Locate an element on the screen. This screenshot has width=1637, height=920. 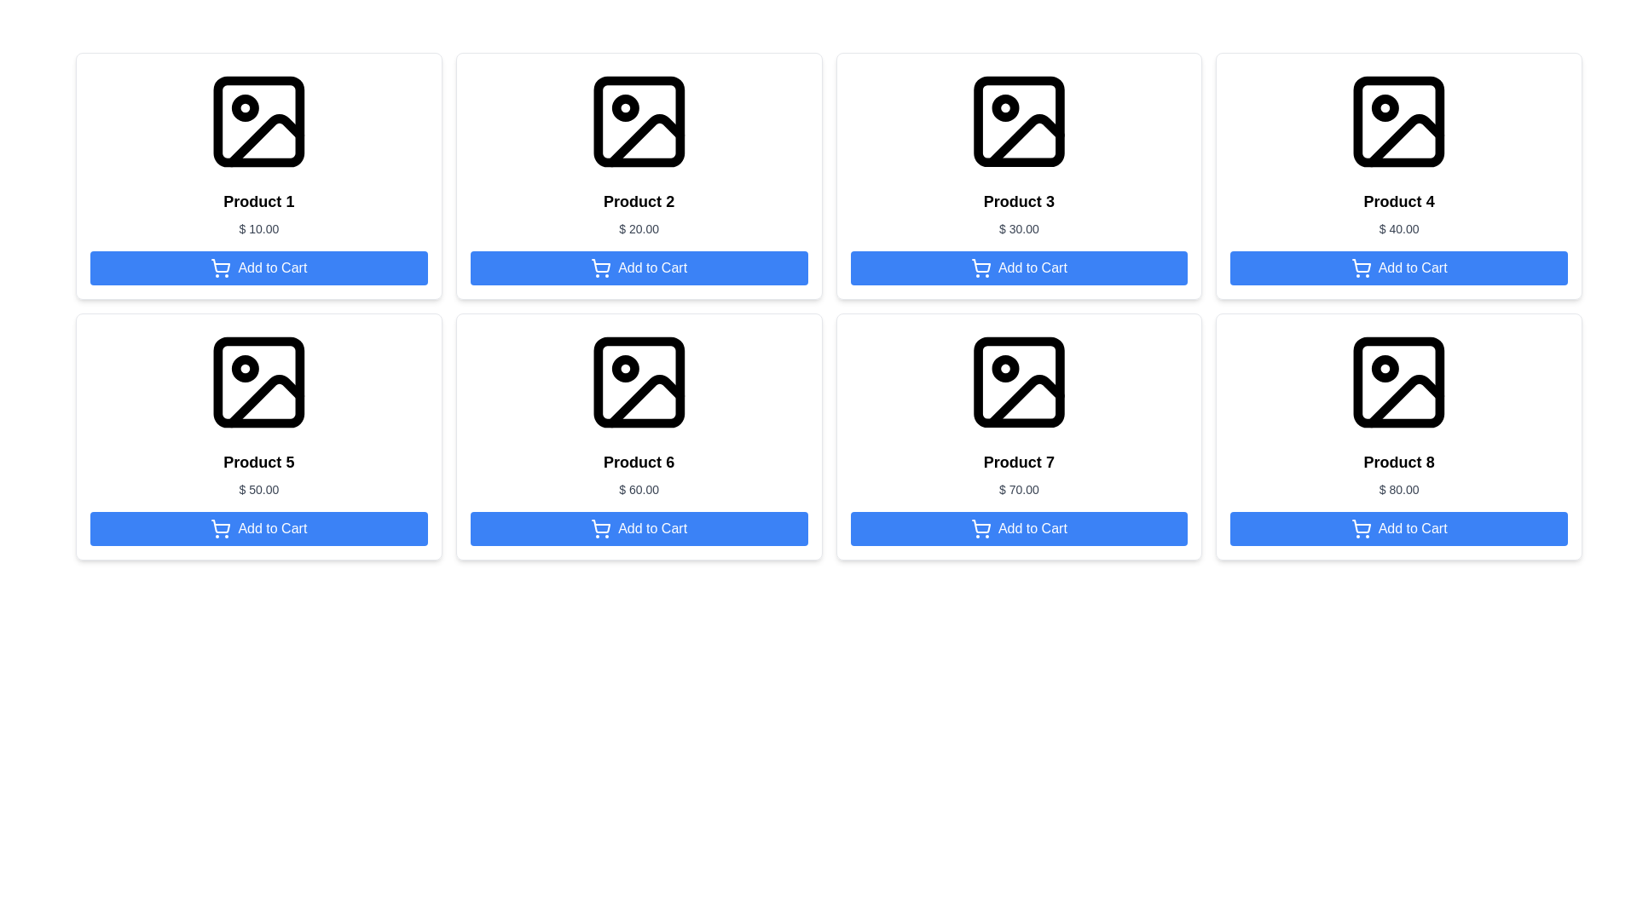
the SVG graphic representing the 'Add to Cart' action for 'Product 7', located in the second row and third column of the grid layout is located at coordinates (981, 526).